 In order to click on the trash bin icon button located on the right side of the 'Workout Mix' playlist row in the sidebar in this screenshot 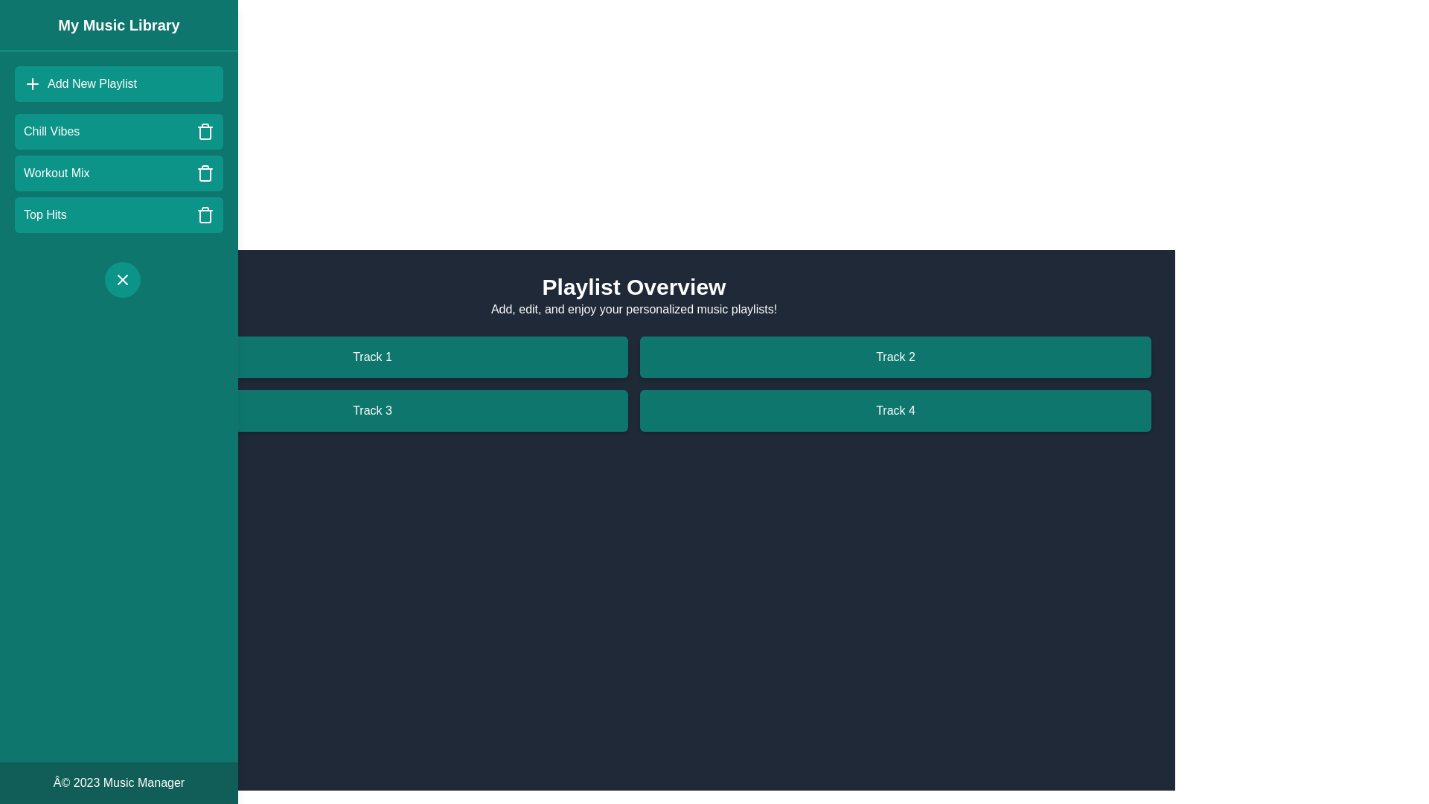, I will do `click(204, 172)`.